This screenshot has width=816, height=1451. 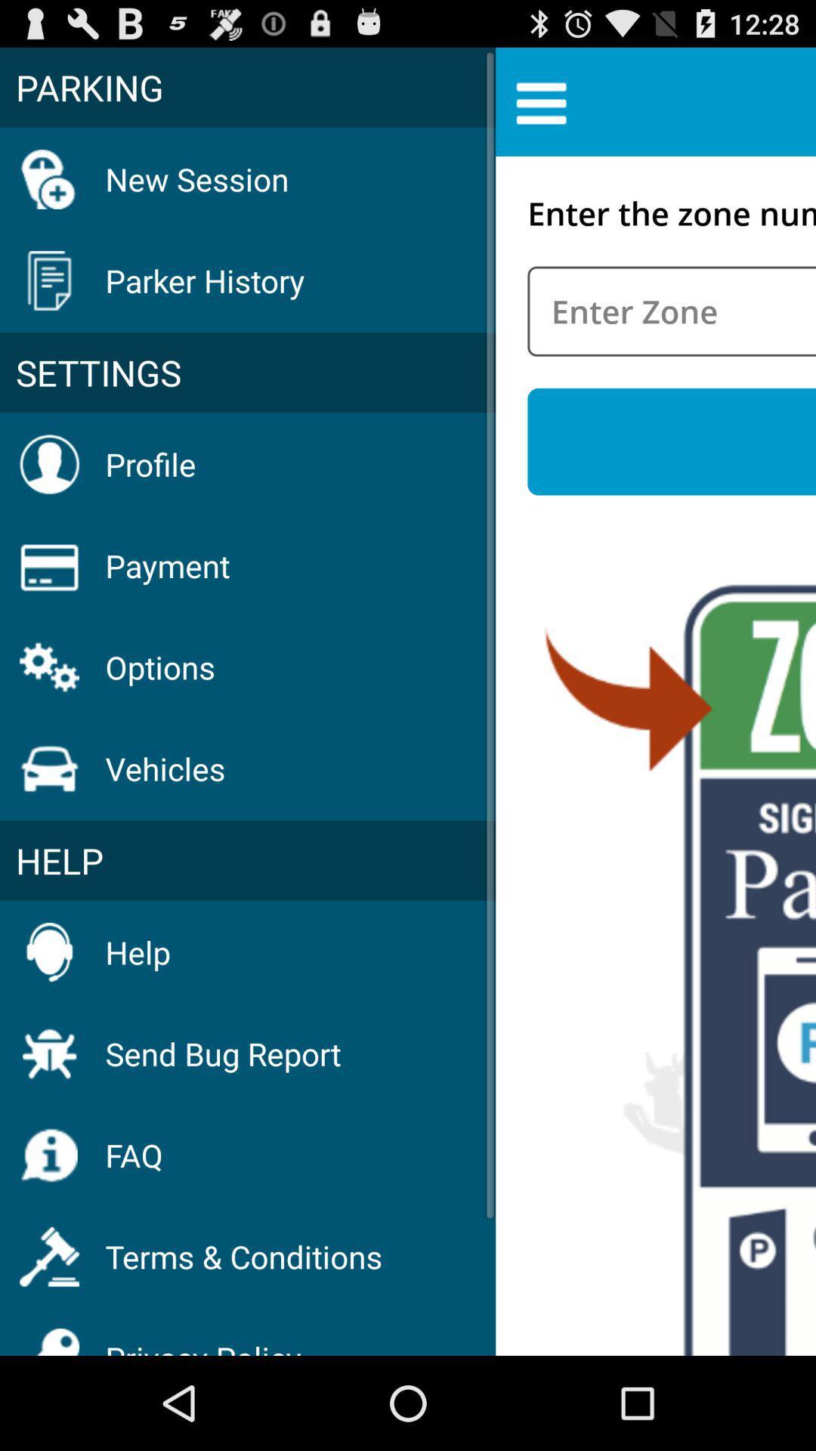 I want to click on the faq item, so click(x=133, y=1154).